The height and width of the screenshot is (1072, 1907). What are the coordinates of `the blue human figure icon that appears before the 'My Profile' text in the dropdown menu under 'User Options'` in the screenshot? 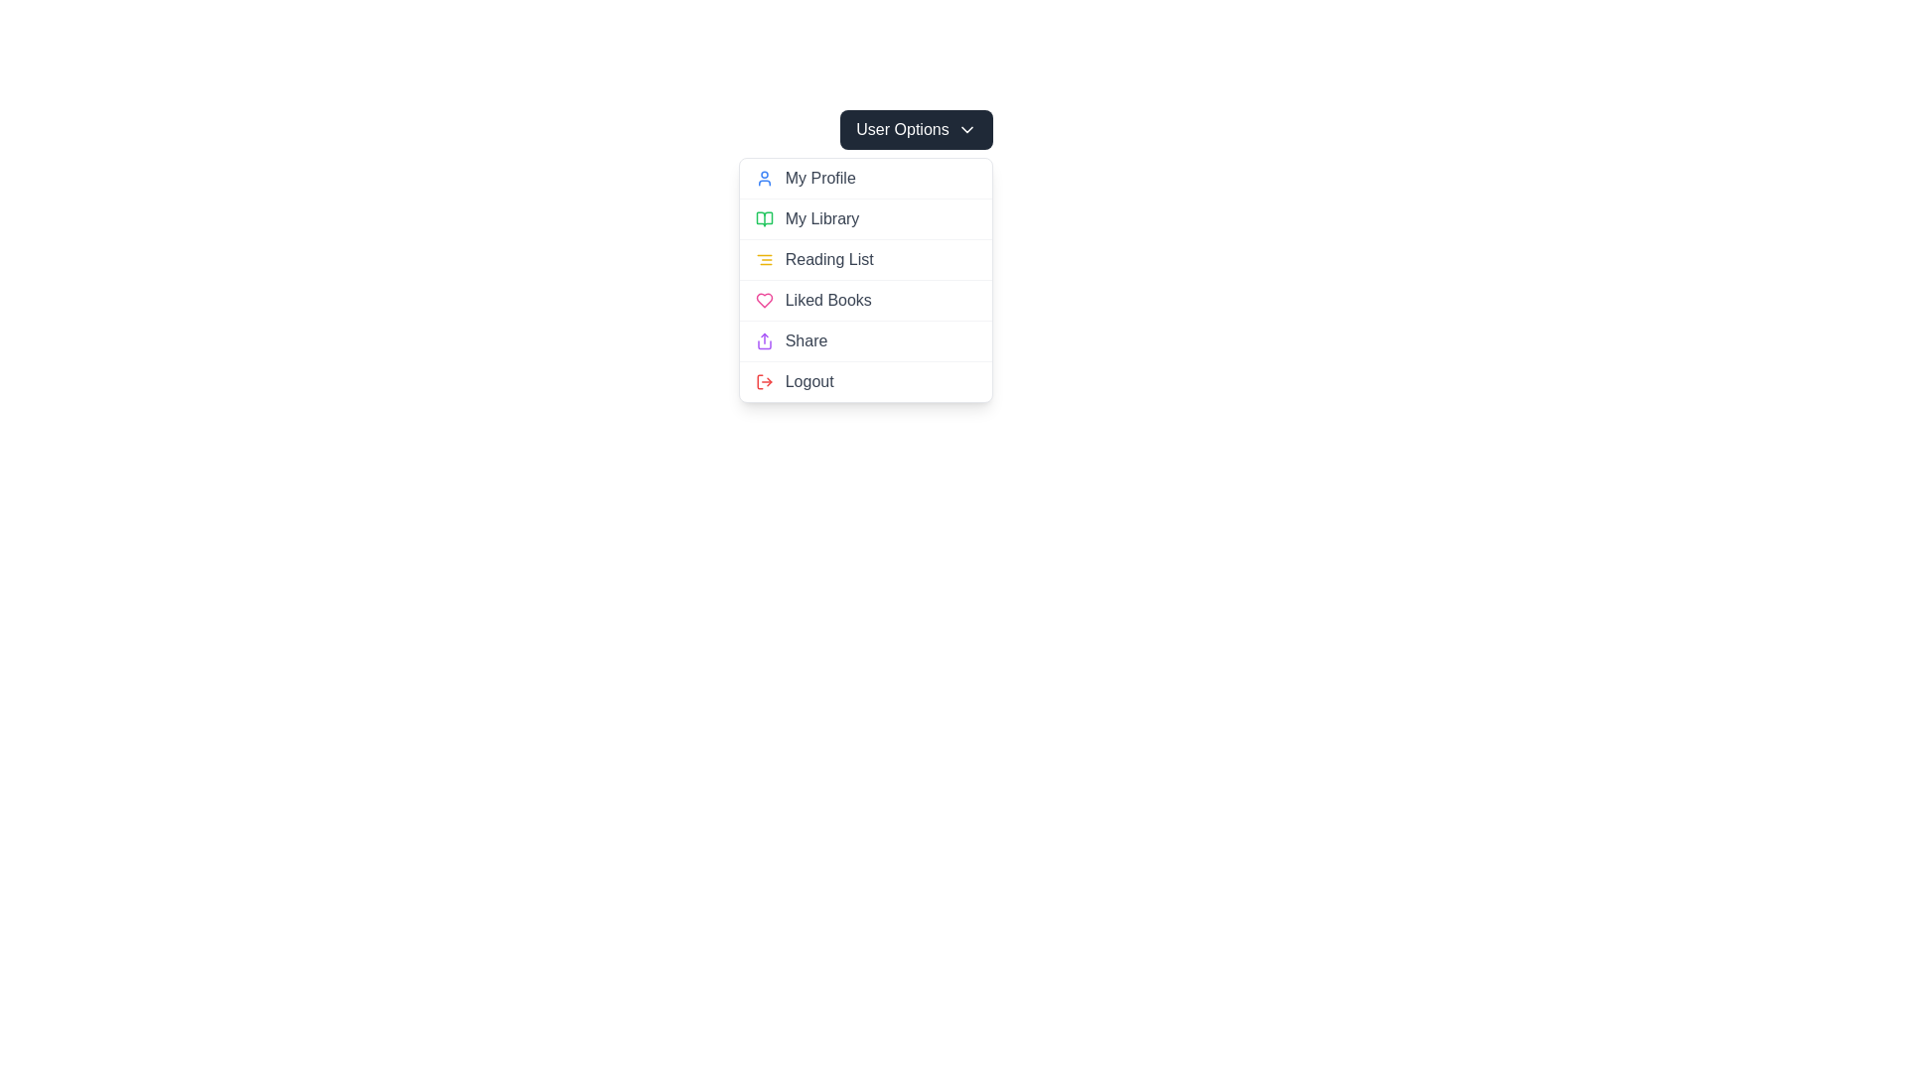 It's located at (763, 179).